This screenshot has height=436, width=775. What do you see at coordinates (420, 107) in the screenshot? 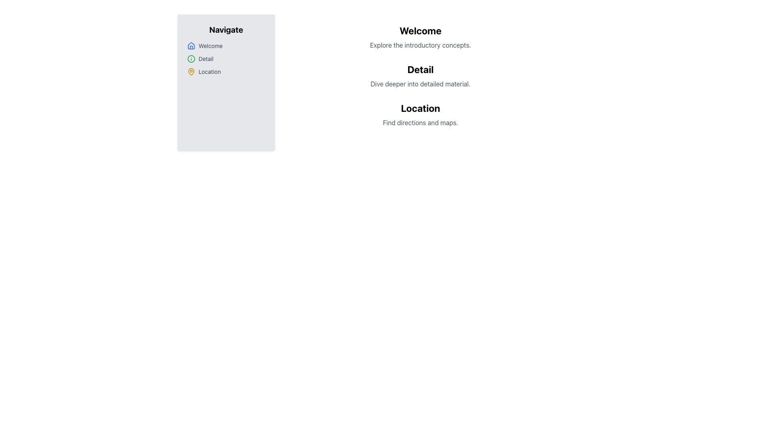
I see `the Text Label that serves as a title for location-related information, located slightly lower on the page, above the text 'Find directions and maps'` at bounding box center [420, 107].